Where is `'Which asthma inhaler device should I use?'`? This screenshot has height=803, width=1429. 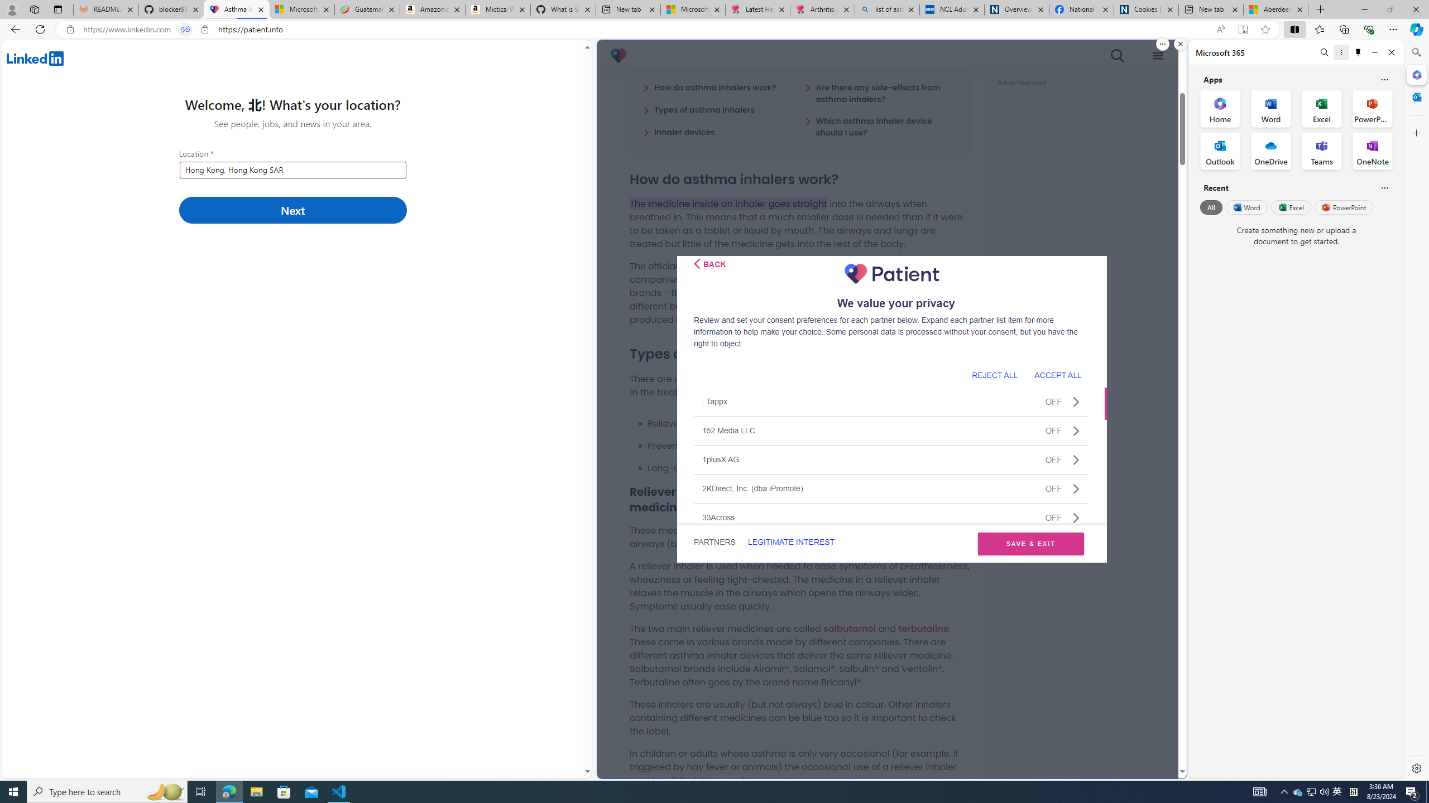
'Which asthma inhaler device should I use?' is located at coordinates (880, 126).